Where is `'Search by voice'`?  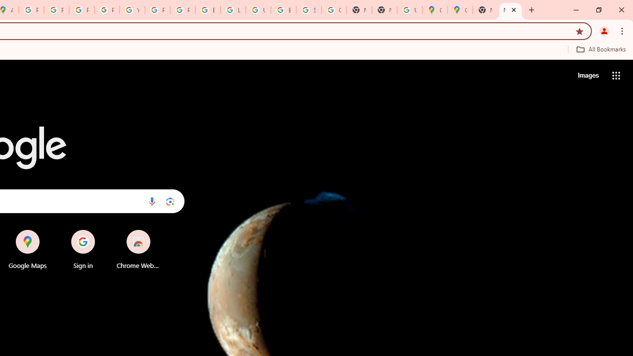
'Search by voice' is located at coordinates (151, 201).